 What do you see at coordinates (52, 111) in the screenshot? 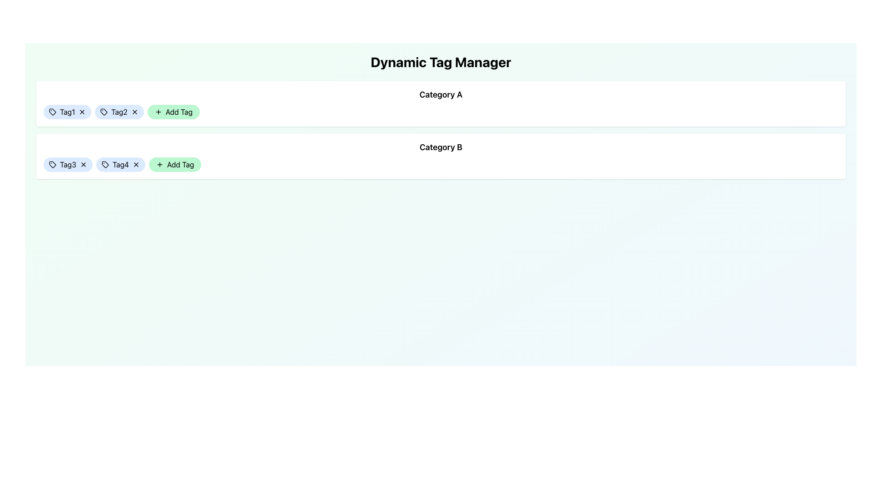
I see `the blue tag icon located within the button labeled 'Tag1' in the top-left portion of 'Category A'` at bounding box center [52, 111].